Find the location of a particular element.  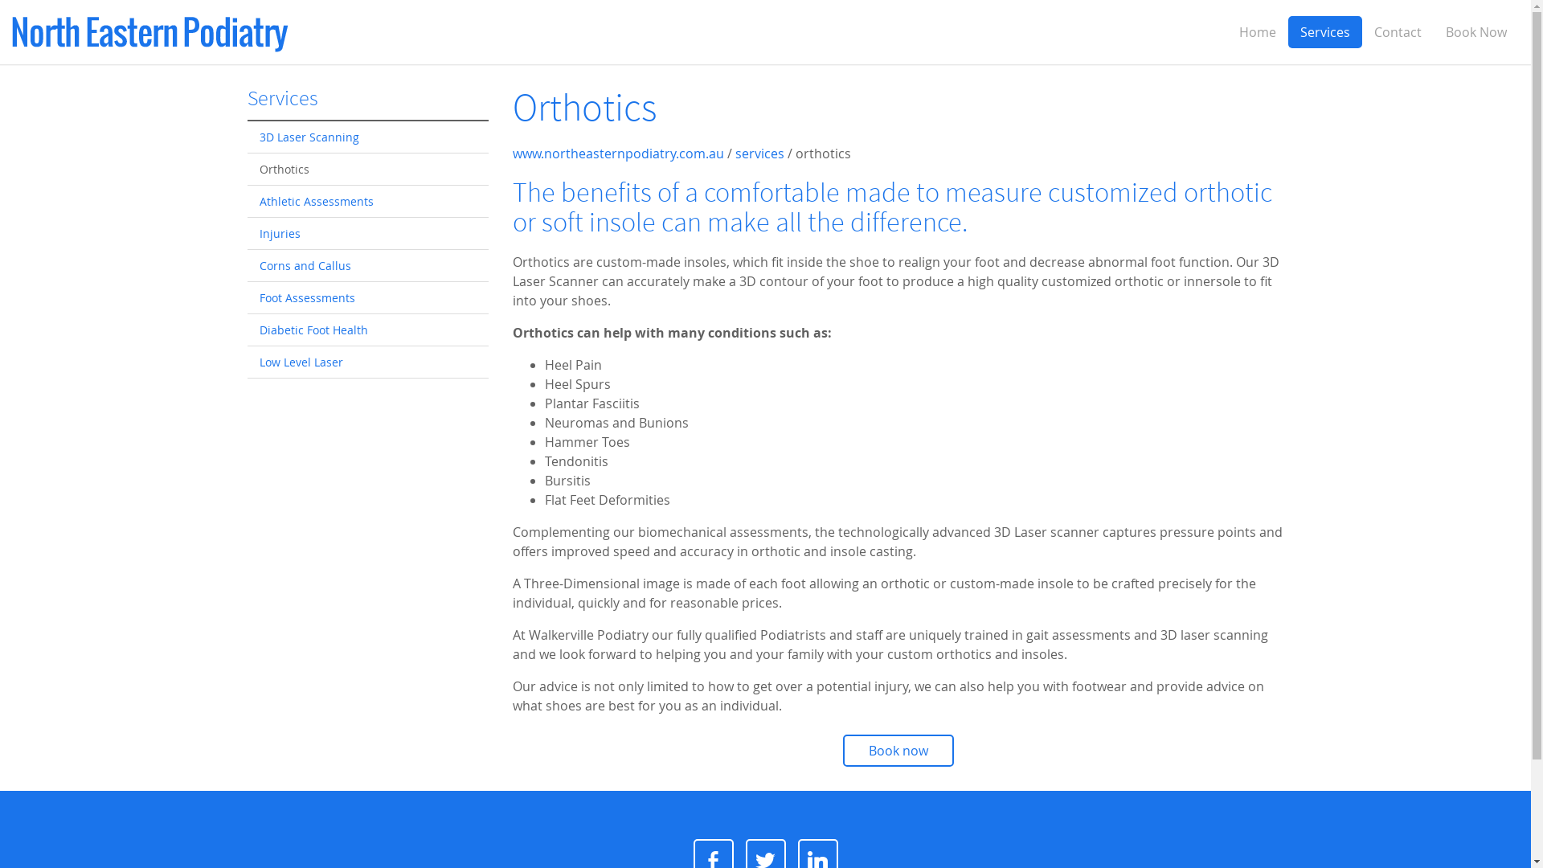

'Home' is located at coordinates (1256, 31).